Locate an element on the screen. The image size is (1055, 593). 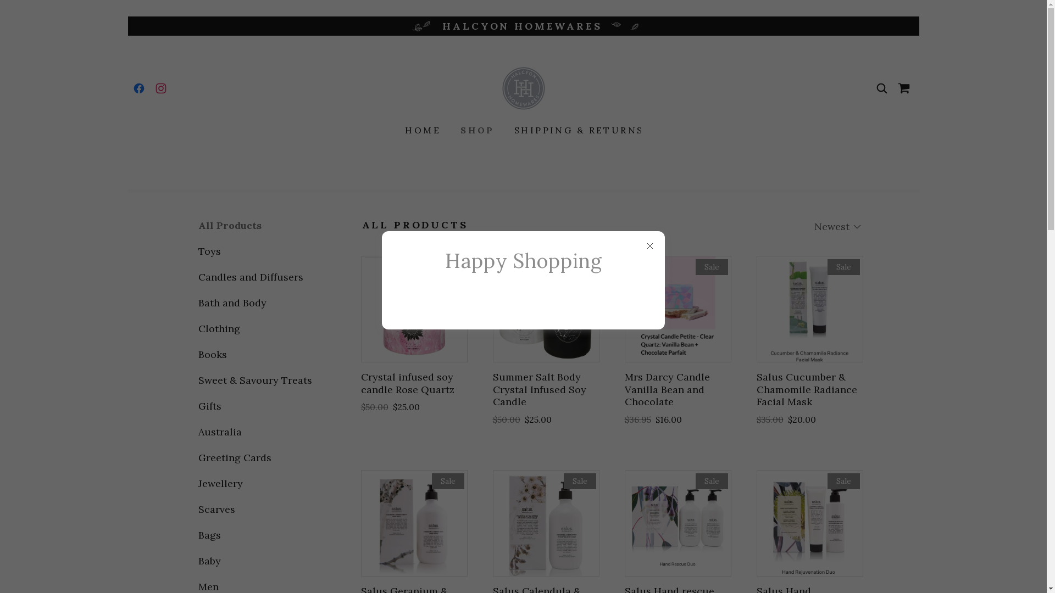
'Greeting Cards' is located at coordinates (258, 457).